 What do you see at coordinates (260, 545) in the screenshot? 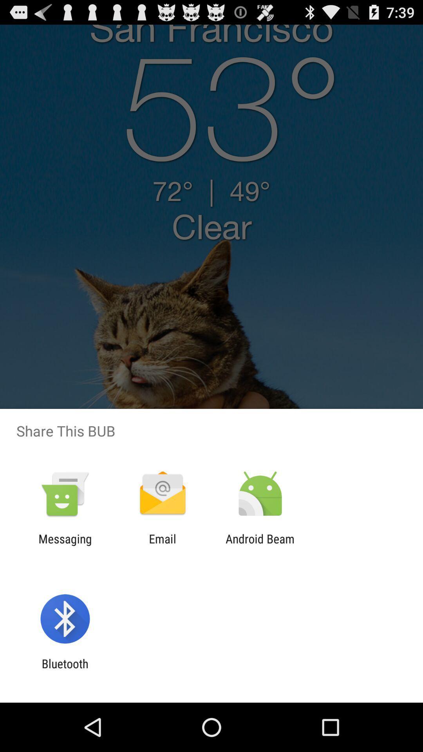
I see `app next to email` at bounding box center [260, 545].